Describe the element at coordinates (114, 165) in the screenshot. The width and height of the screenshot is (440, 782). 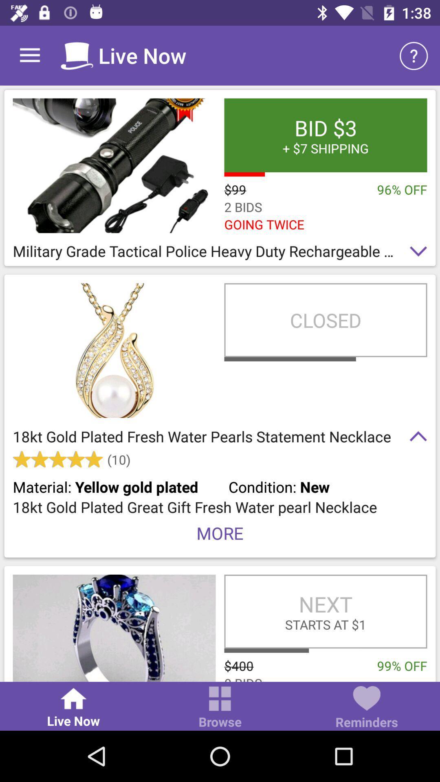
I see `view` at that location.